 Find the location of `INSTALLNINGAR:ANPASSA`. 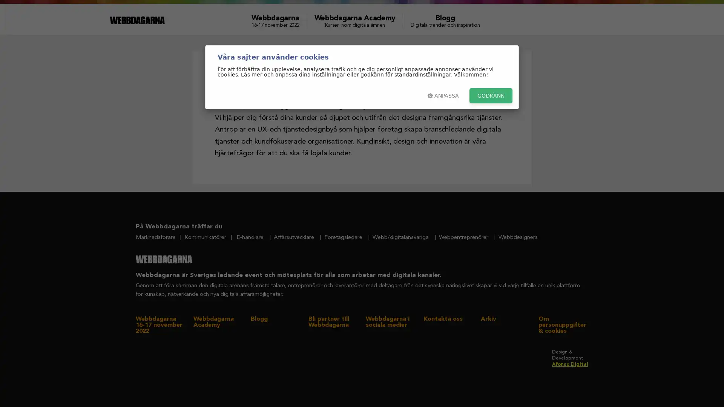

INSTALLNINGAR:ANPASSA is located at coordinates (443, 95).